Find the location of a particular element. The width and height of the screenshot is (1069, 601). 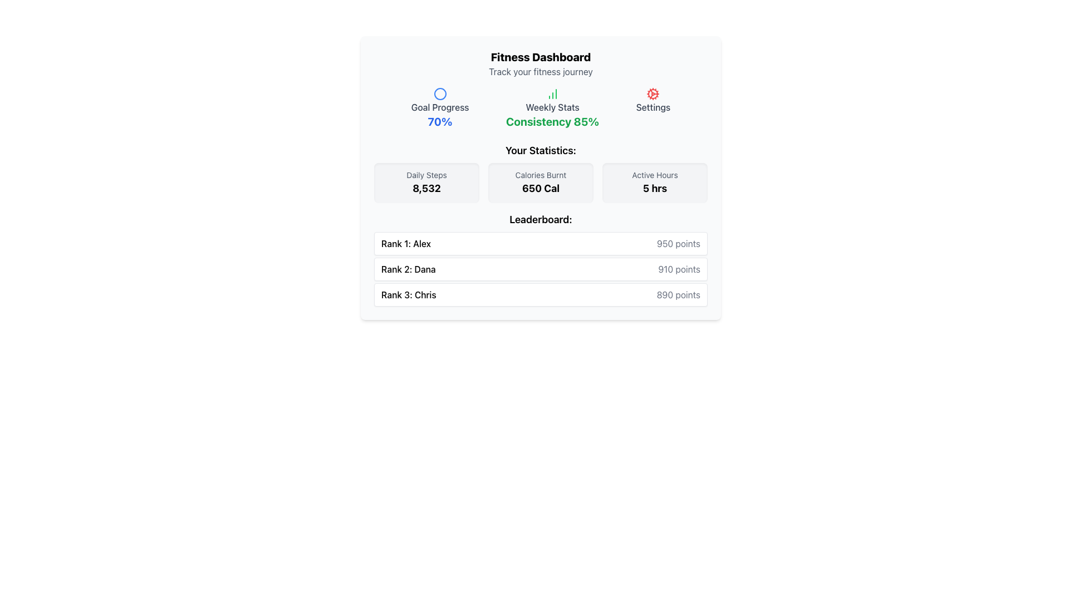

the green bar chart icon located above the 'Weekly Stats' text in the 'Consistency 85%' section is located at coordinates (552, 93).